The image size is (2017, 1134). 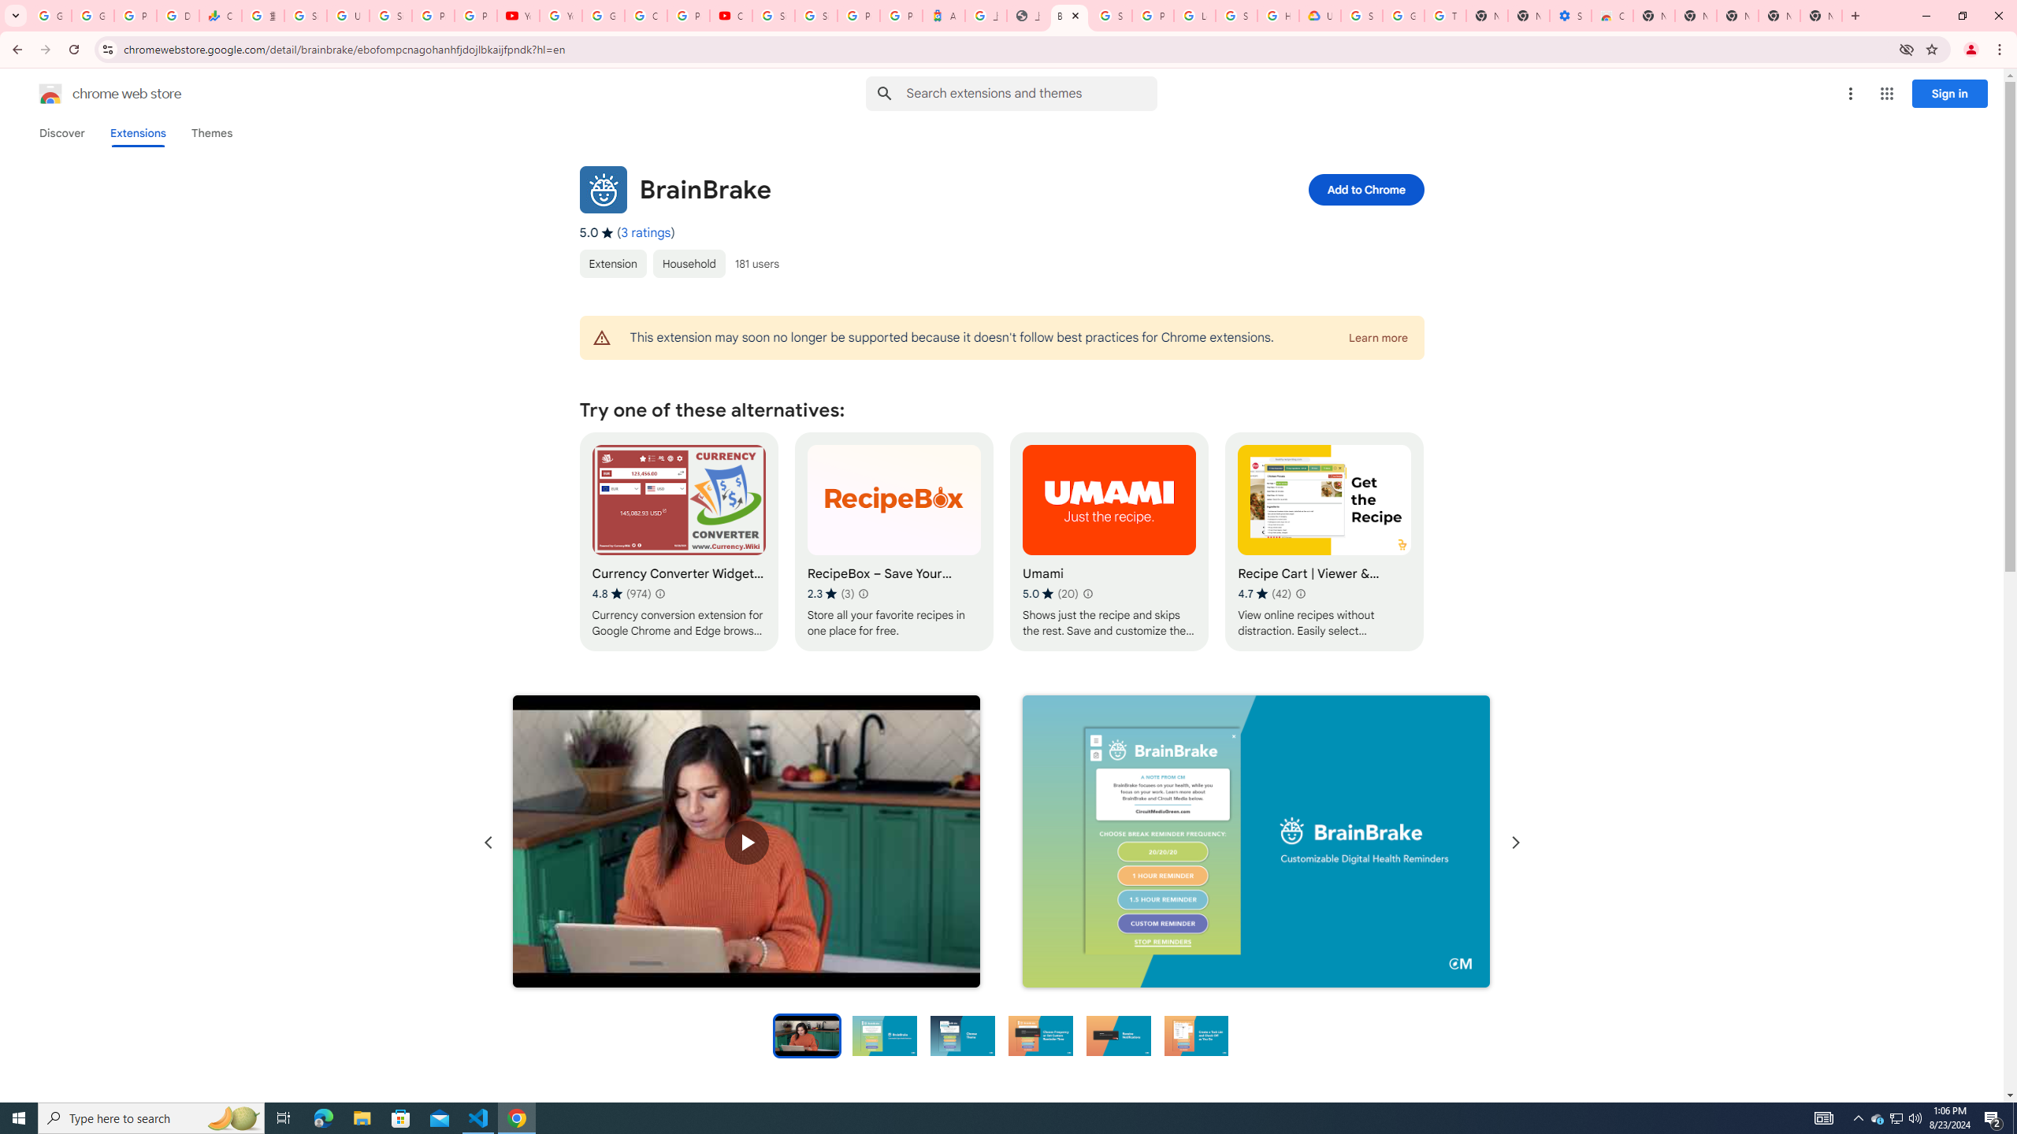 What do you see at coordinates (211, 132) in the screenshot?
I see `'Themes'` at bounding box center [211, 132].